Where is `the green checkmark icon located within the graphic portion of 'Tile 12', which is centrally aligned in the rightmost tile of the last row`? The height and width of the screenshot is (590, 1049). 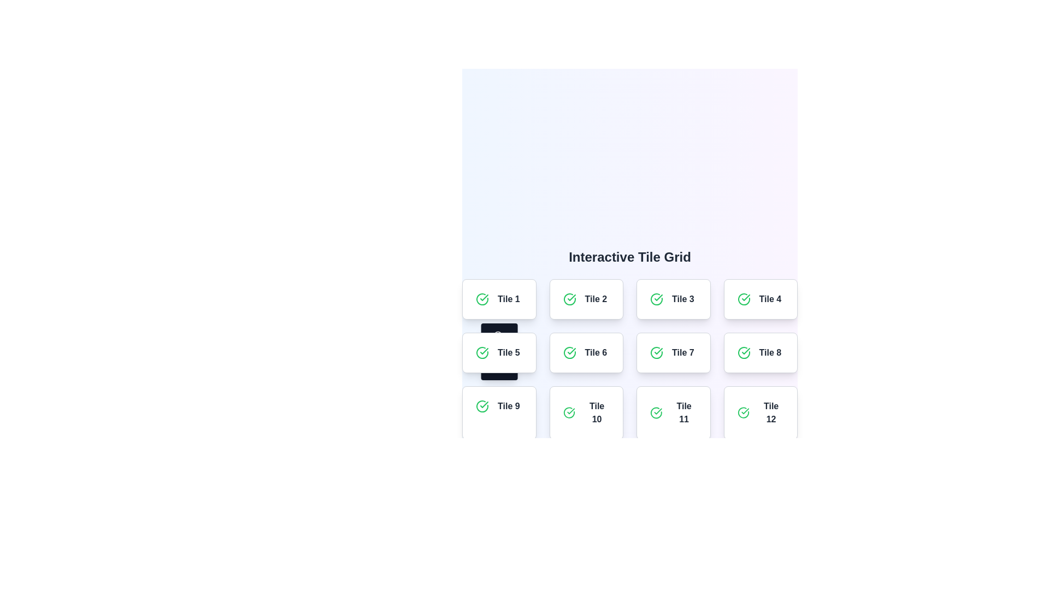 the green checkmark icon located within the graphic portion of 'Tile 12', which is centrally aligned in the rightmost tile of the last row is located at coordinates (745, 411).